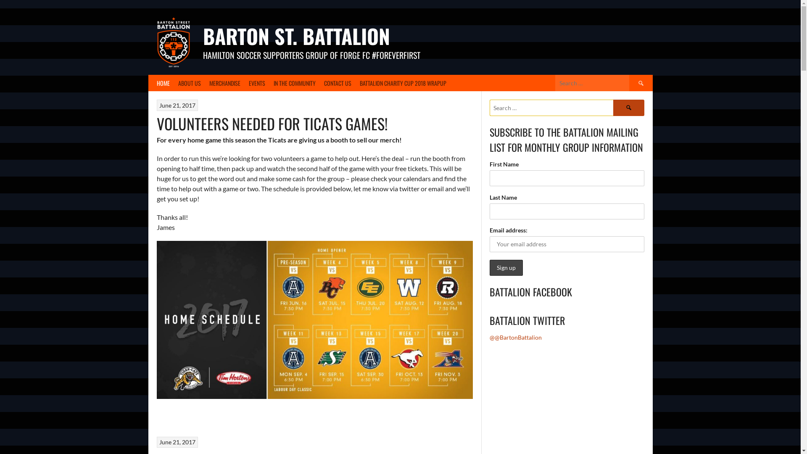 Image resolution: width=807 pixels, height=454 pixels. Describe the element at coordinates (244, 83) in the screenshot. I see `'EVENTS'` at that location.